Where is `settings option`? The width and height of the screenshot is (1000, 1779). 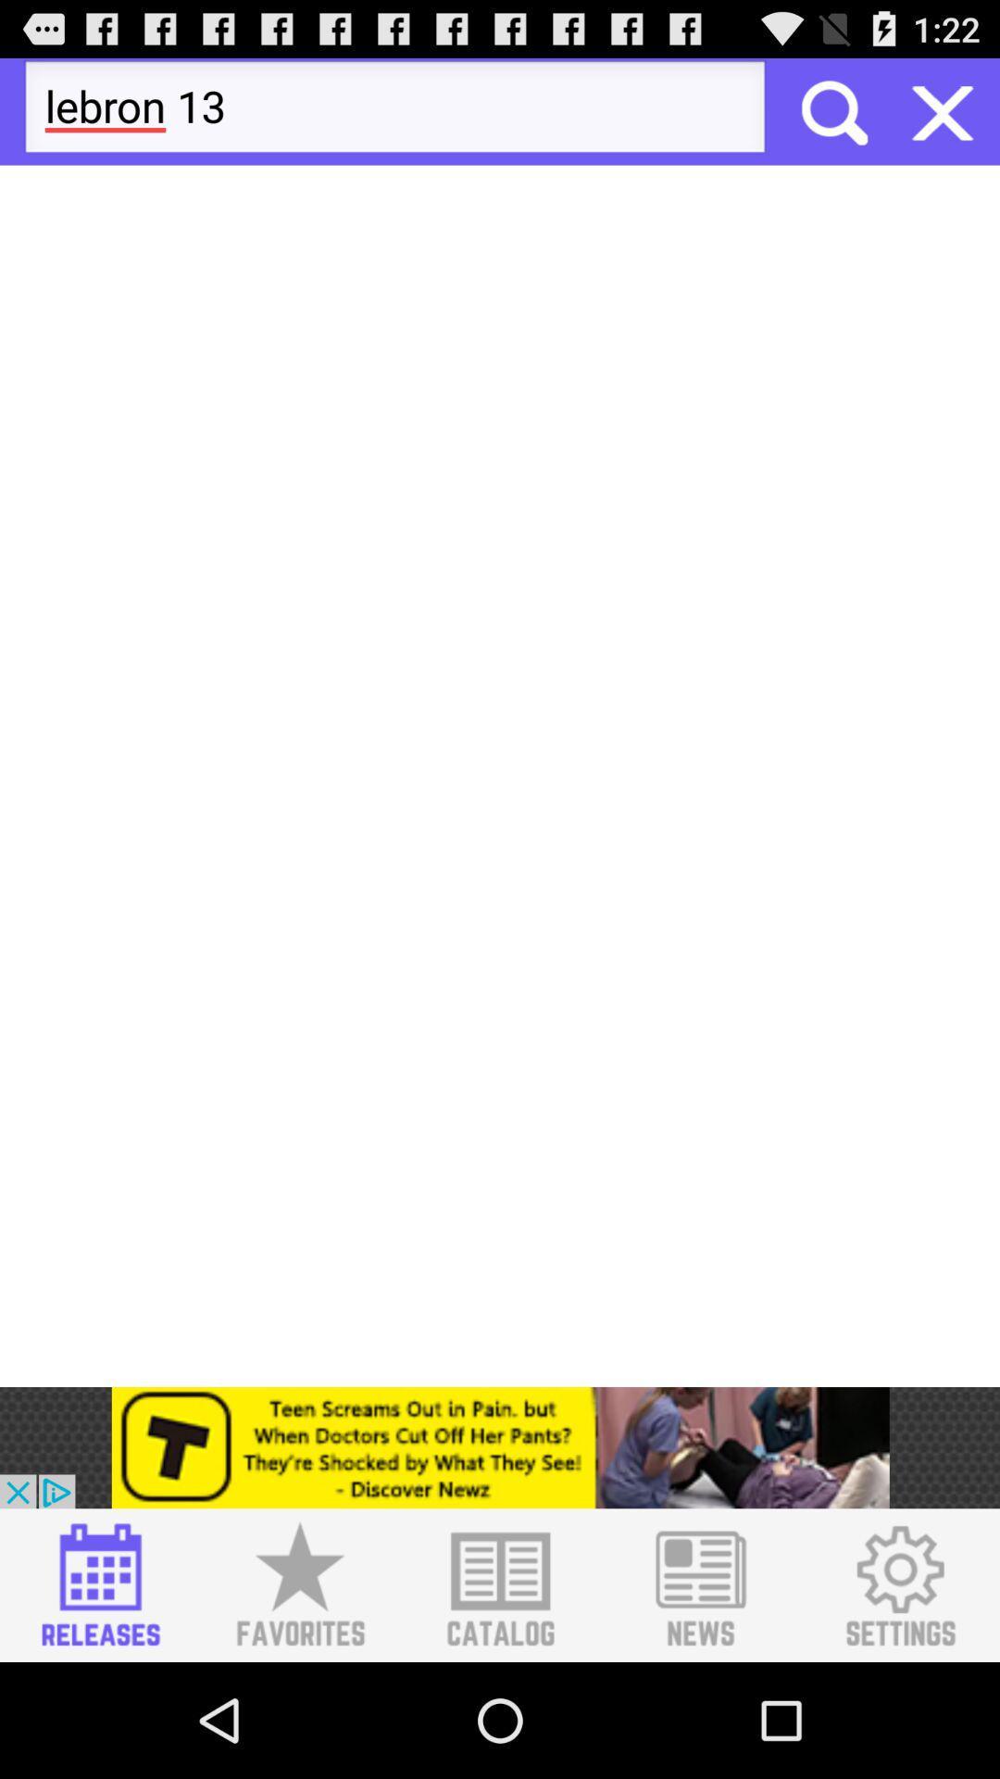
settings option is located at coordinates (899, 1584).